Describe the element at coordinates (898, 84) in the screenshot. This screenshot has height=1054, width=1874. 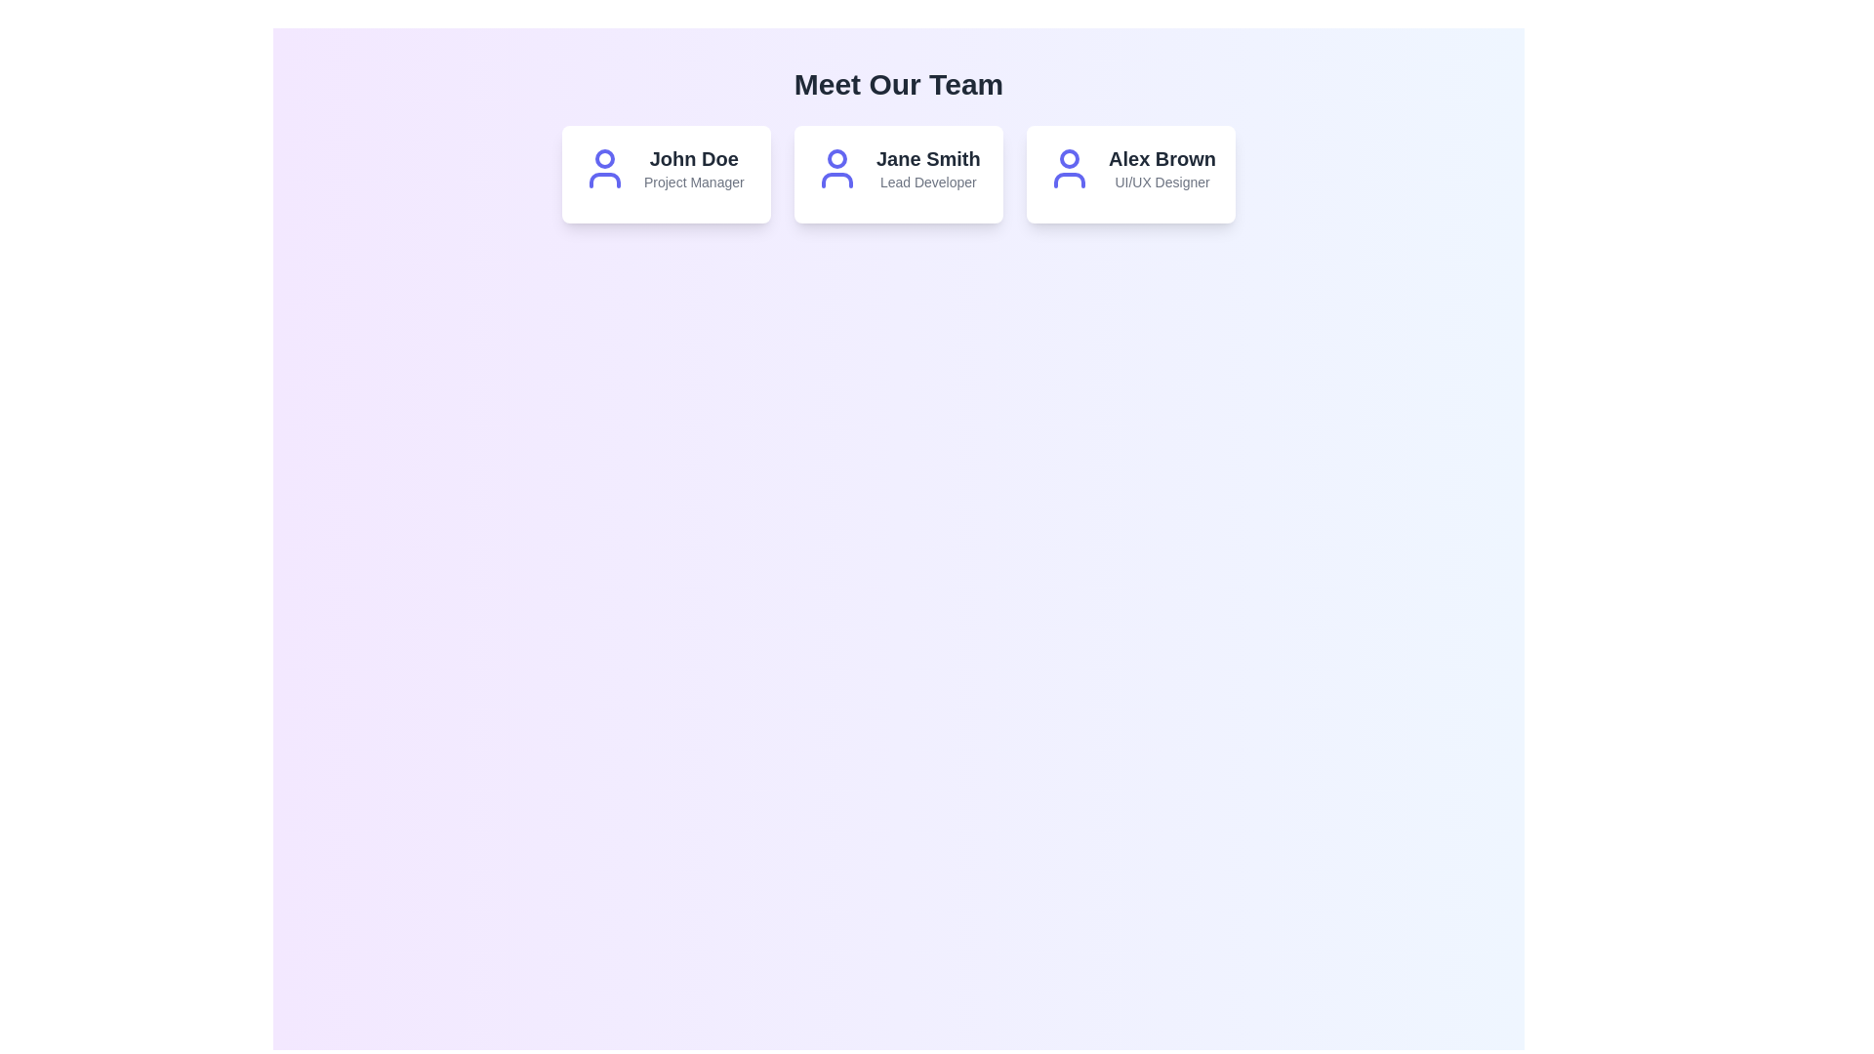
I see `the 'Meet Our Team' heading text, which is large, bold, and dark-colored, positioned centrally at the top of the section` at that location.